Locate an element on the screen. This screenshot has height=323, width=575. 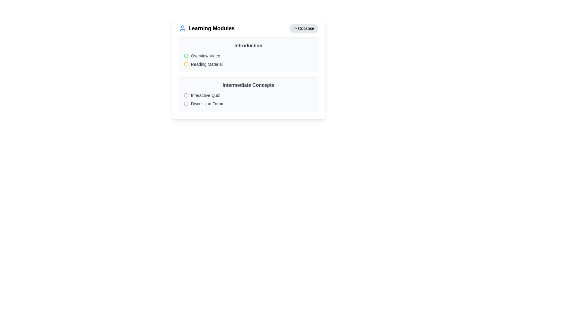
the text element labeled 'Interactive Quiz' located in the 'Intermediate Concepts' section of the 'Learning Modules' interface, positioned to the right of a gray circular icon is located at coordinates (205, 95).